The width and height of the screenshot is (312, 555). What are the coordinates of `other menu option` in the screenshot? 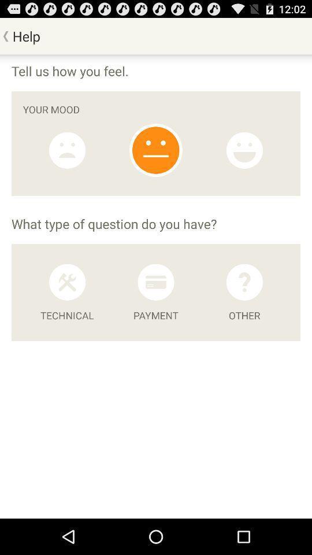 It's located at (244, 282).